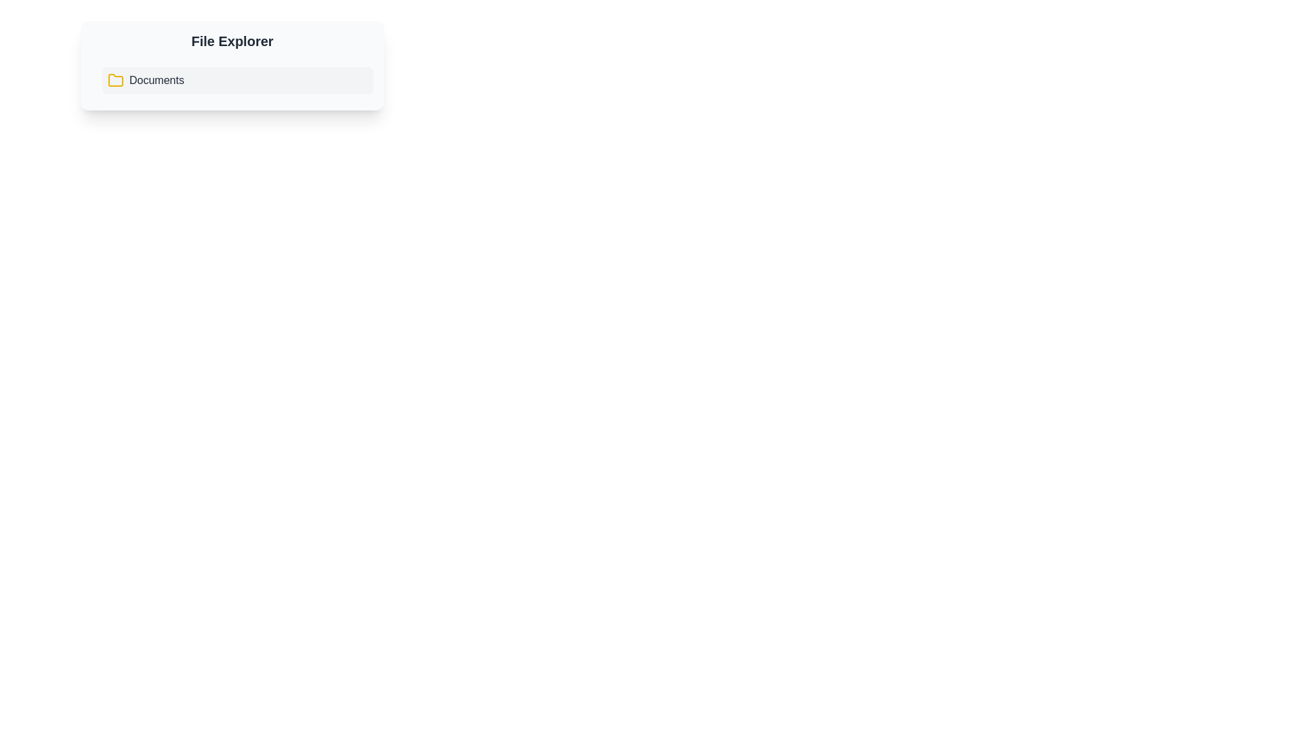 The width and height of the screenshot is (1301, 732). What do you see at coordinates (146, 81) in the screenshot?
I see `the folder icon of the 'Documents' list item located in the top-left area of the file management system` at bounding box center [146, 81].